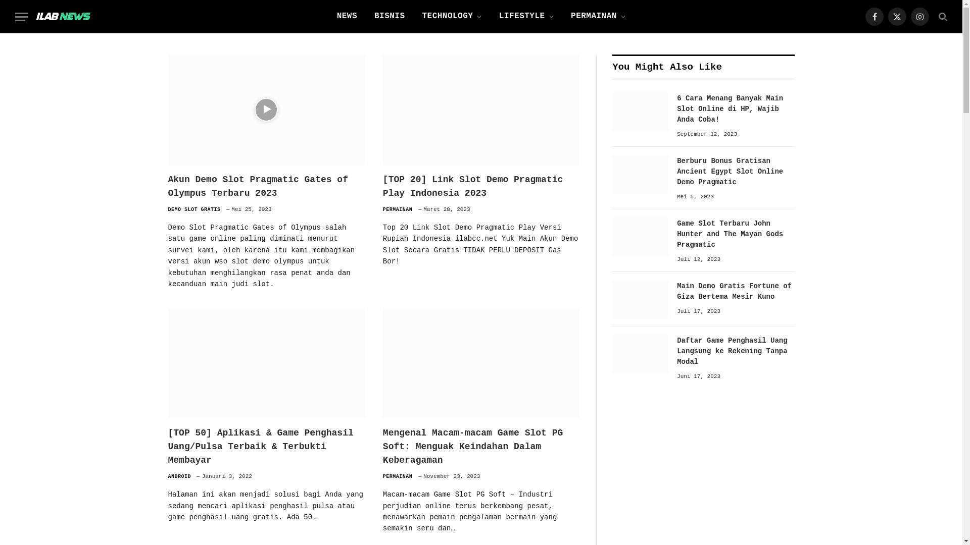 This screenshot has width=970, height=545. What do you see at coordinates (874, 17) in the screenshot?
I see `'Facebook'` at bounding box center [874, 17].